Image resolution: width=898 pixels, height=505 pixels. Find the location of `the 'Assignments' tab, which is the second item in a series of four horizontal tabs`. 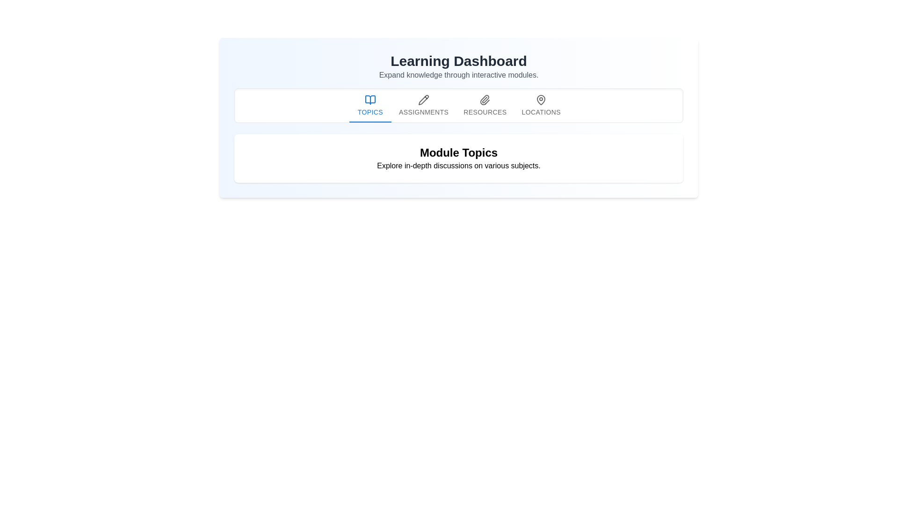

the 'Assignments' tab, which is the second item in a series of four horizontal tabs is located at coordinates (423, 105).